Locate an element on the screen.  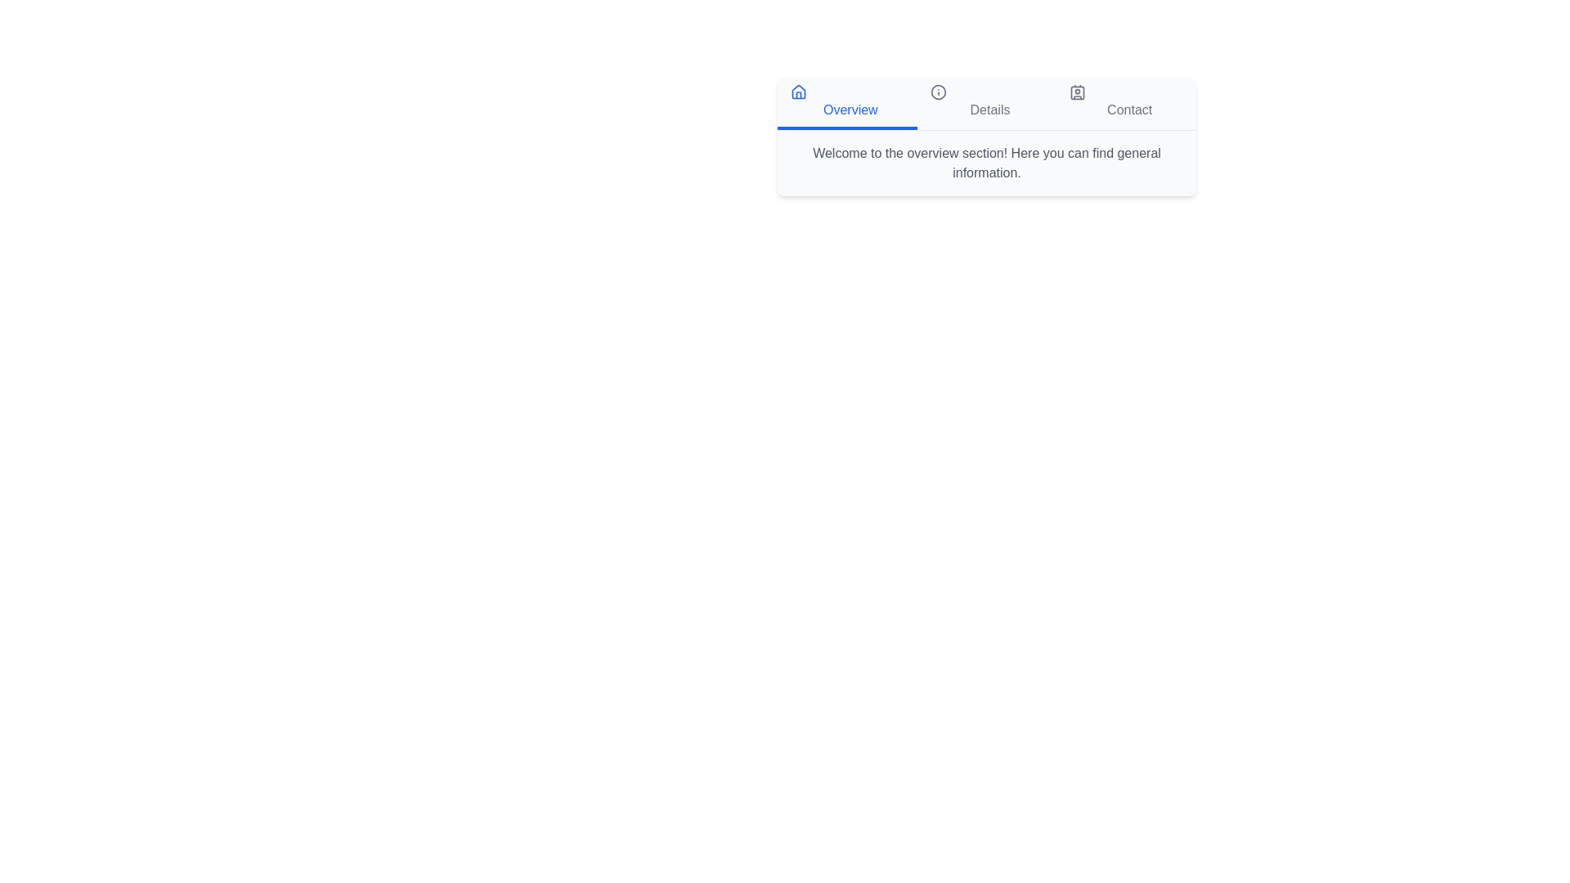
the tab labeled Details to switch to that section is located at coordinates (985, 104).